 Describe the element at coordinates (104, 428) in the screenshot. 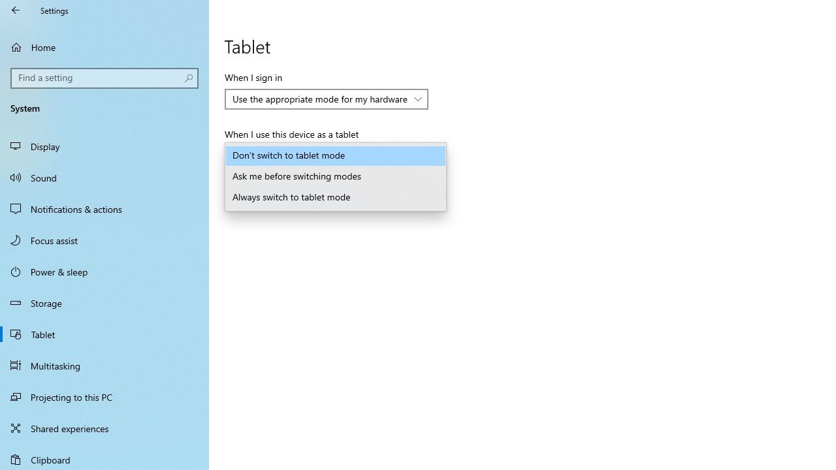

I see `'Shared experiences'` at that location.